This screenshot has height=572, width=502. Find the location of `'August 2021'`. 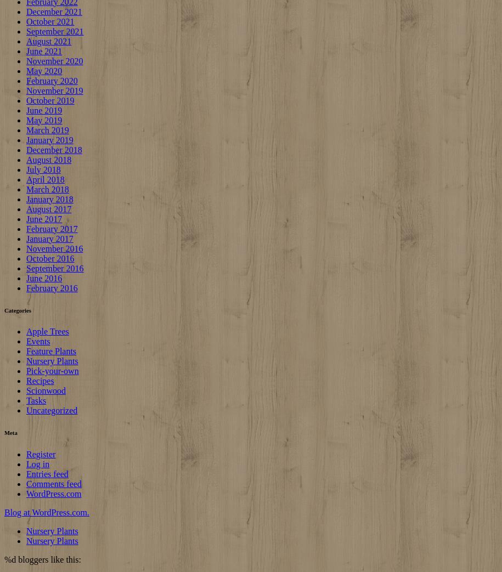

'August 2021' is located at coordinates (48, 40).